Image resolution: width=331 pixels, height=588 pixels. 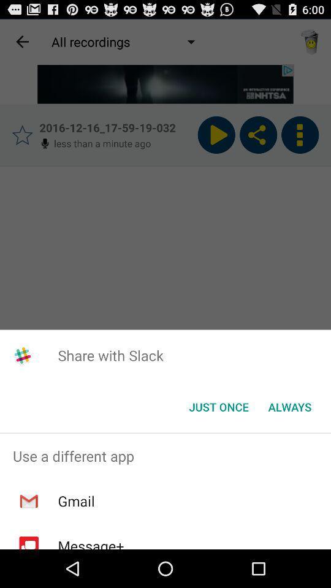 I want to click on icon below the use a different item, so click(x=76, y=501).